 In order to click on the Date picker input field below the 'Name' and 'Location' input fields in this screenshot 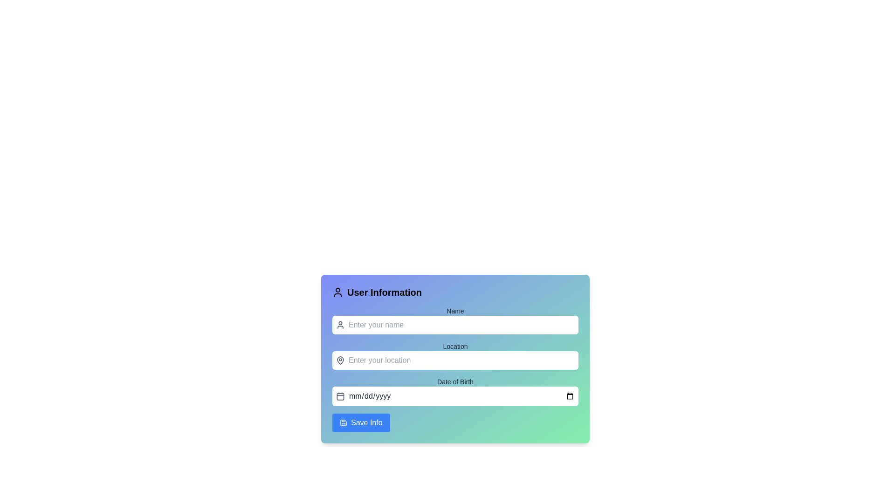, I will do `click(455, 391)`.